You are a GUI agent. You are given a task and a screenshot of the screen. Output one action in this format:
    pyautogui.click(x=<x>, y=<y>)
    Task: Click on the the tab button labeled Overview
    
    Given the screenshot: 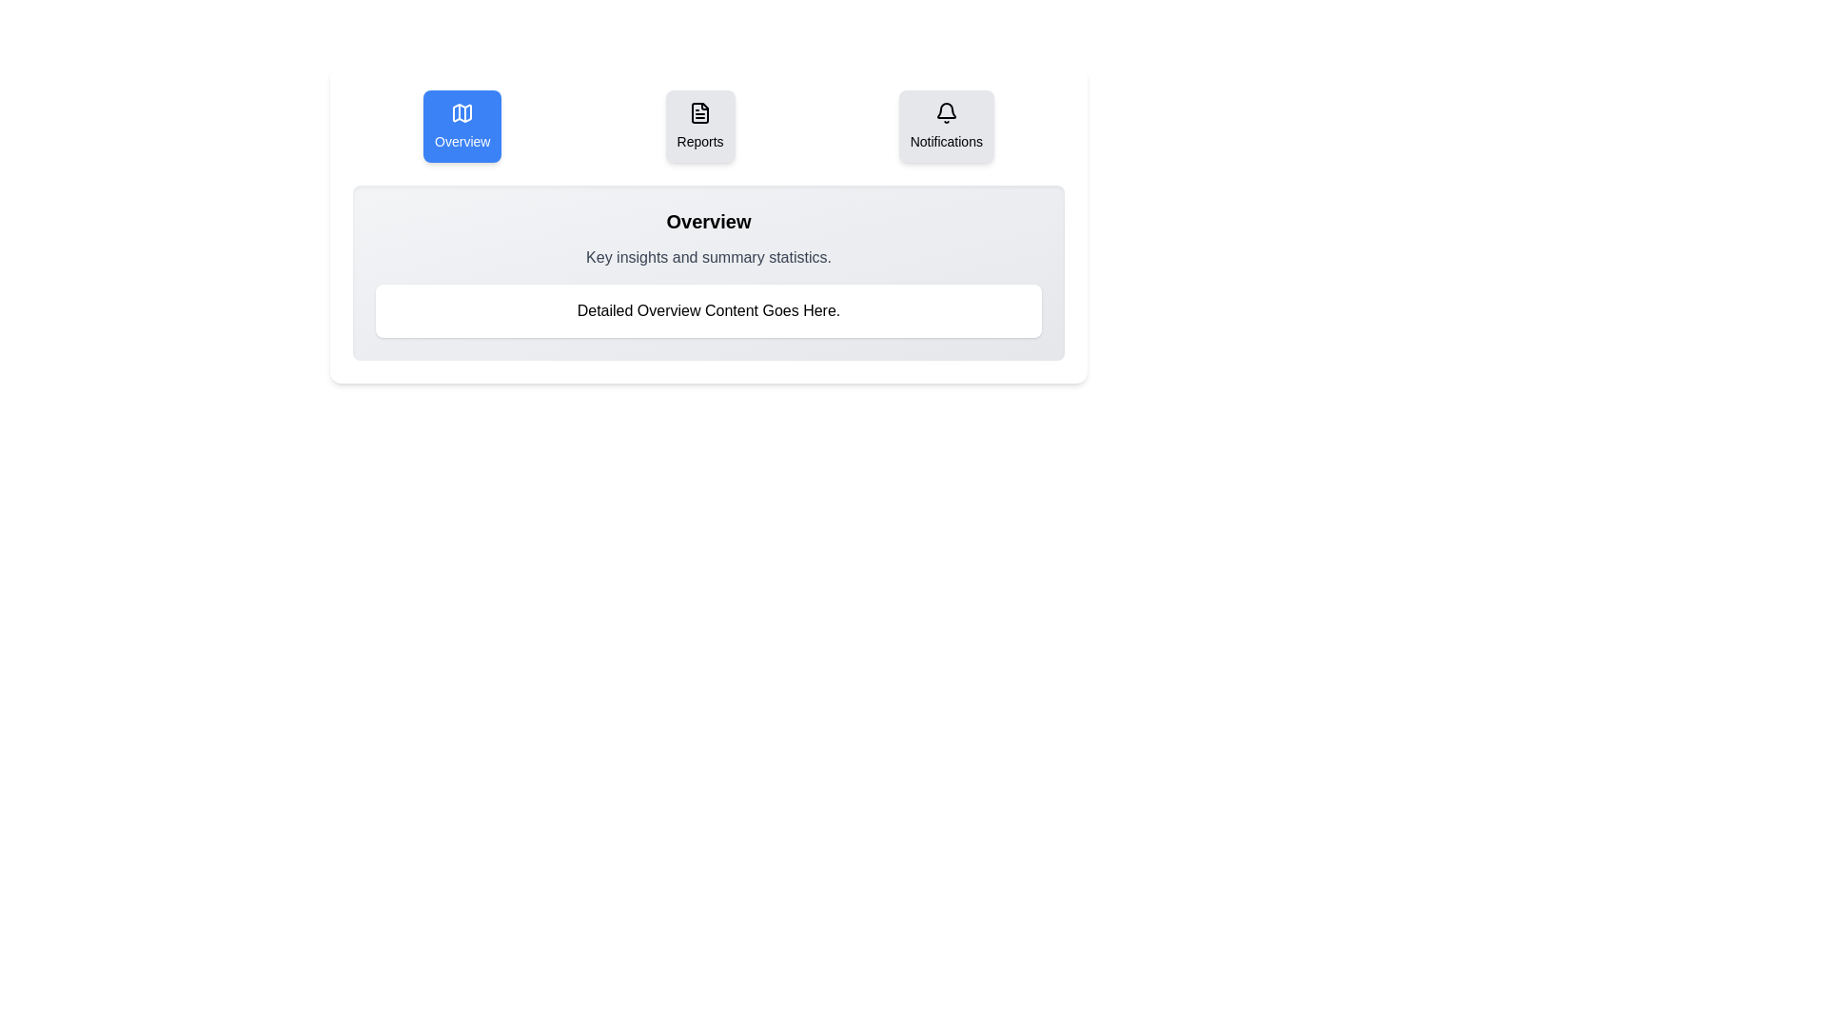 What is the action you would take?
    pyautogui.click(x=462, y=126)
    